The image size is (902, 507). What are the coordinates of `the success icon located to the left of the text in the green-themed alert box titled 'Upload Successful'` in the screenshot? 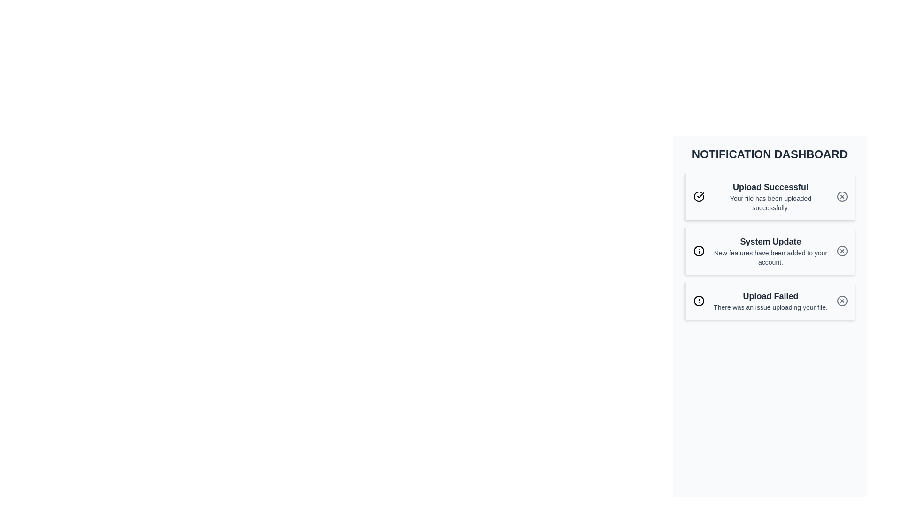 It's located at (699, 196).